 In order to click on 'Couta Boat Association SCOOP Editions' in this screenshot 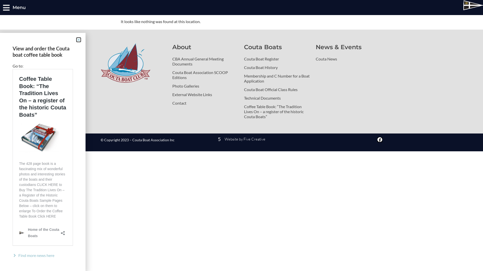, I will do `click(206, 75)`.